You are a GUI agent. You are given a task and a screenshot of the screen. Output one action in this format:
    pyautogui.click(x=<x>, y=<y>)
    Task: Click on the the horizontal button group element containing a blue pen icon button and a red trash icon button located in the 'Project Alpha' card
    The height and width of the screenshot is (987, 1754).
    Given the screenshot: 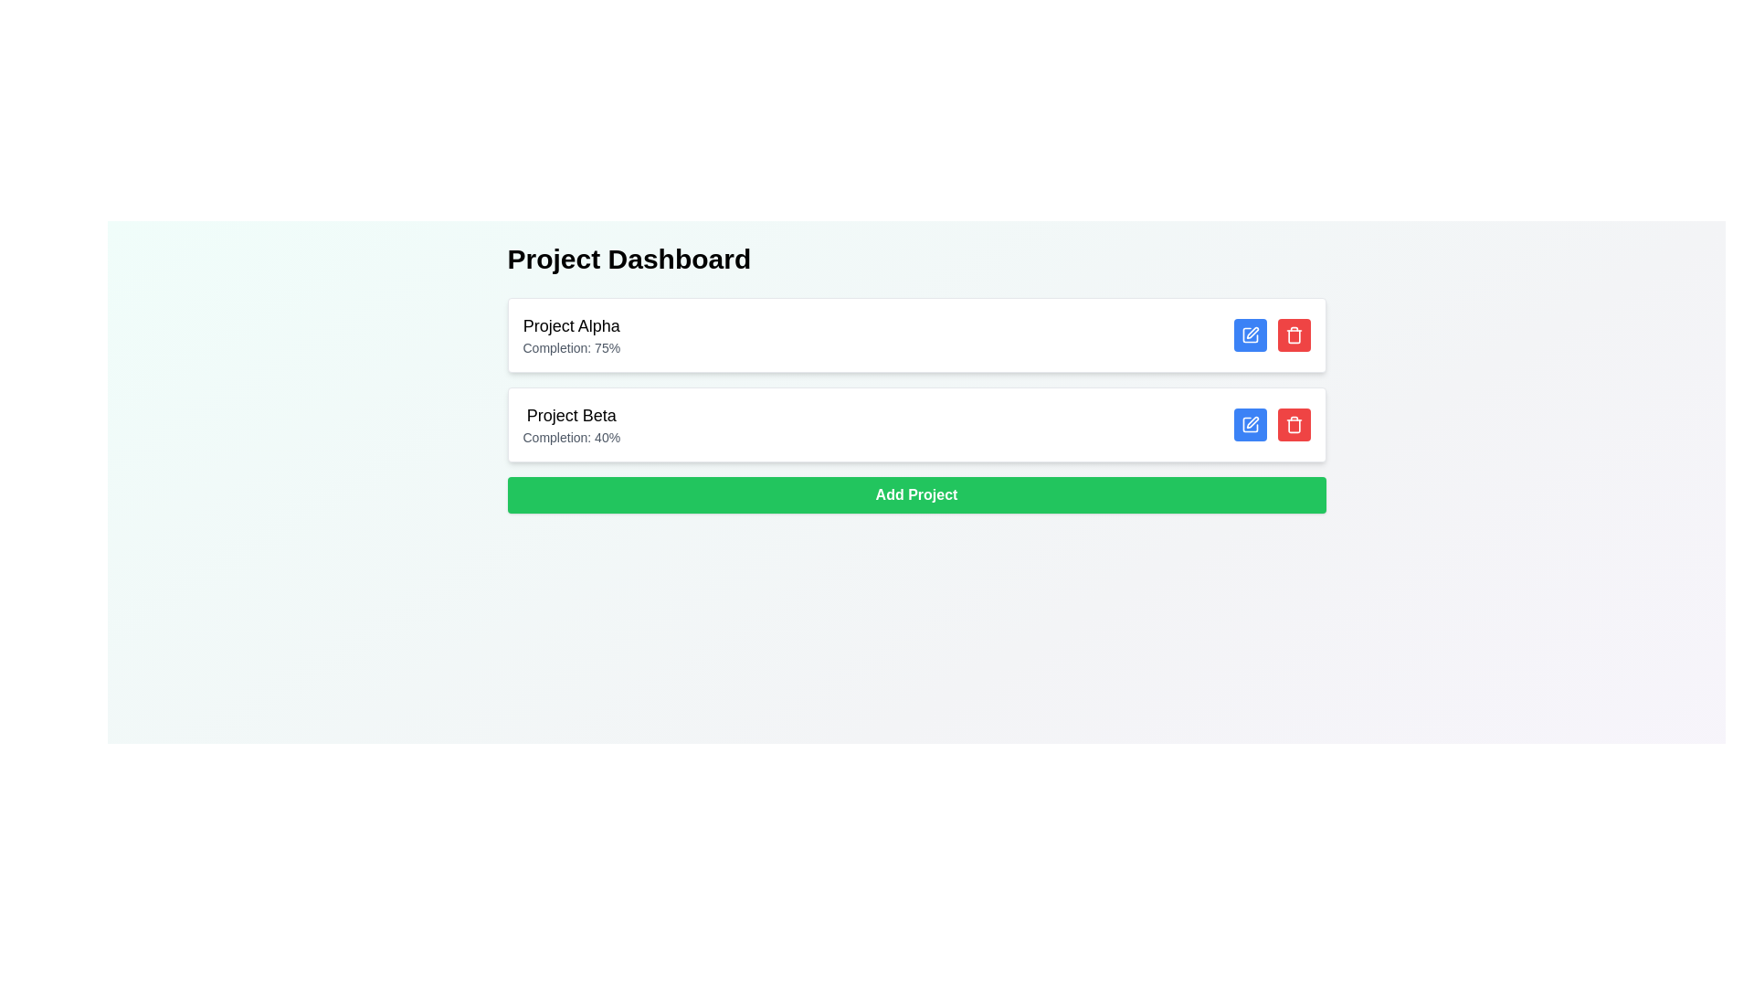 What is the action you would take?
    pyautogui.click(x=1271, y=334)
    